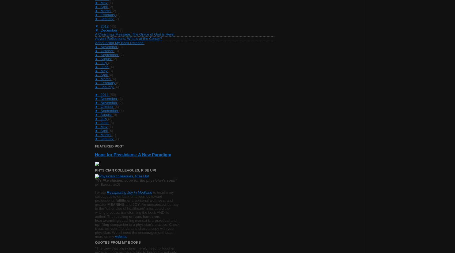  I want to click on '(5)', so click(116, 106).